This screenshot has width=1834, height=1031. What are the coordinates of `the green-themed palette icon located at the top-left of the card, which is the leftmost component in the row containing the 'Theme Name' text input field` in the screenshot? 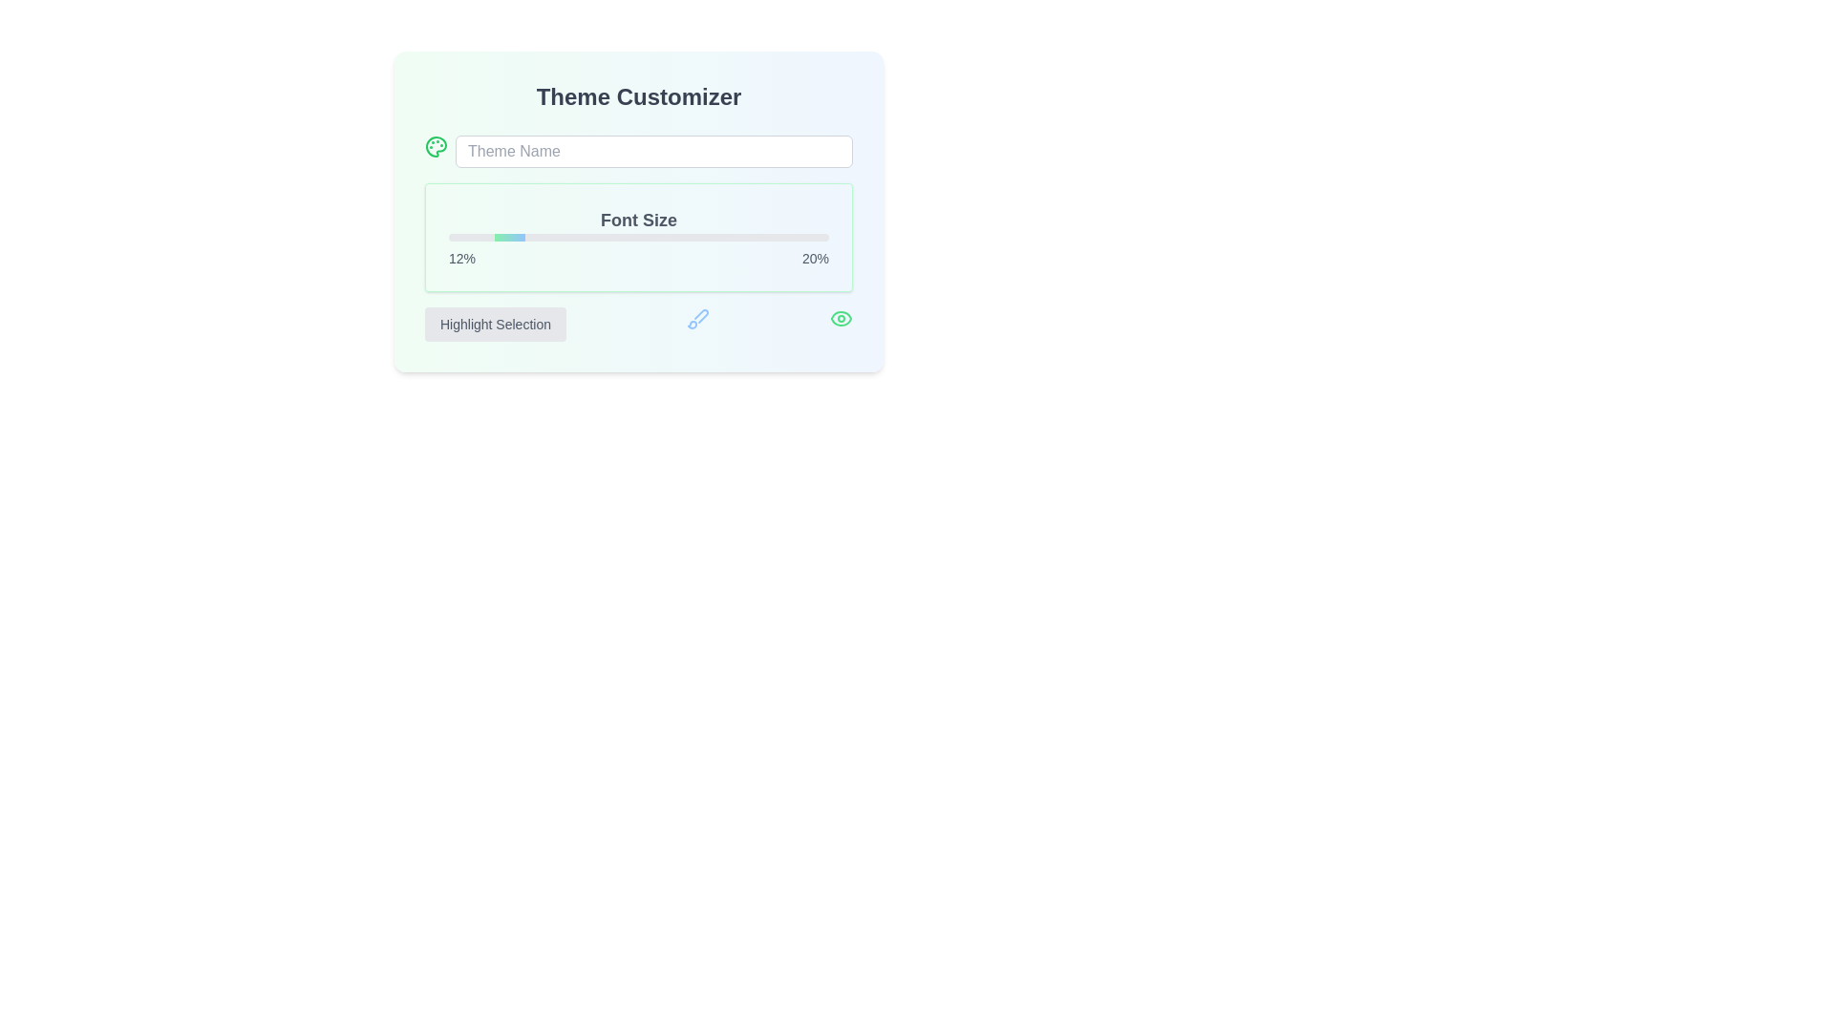 It's located at (435, 146).